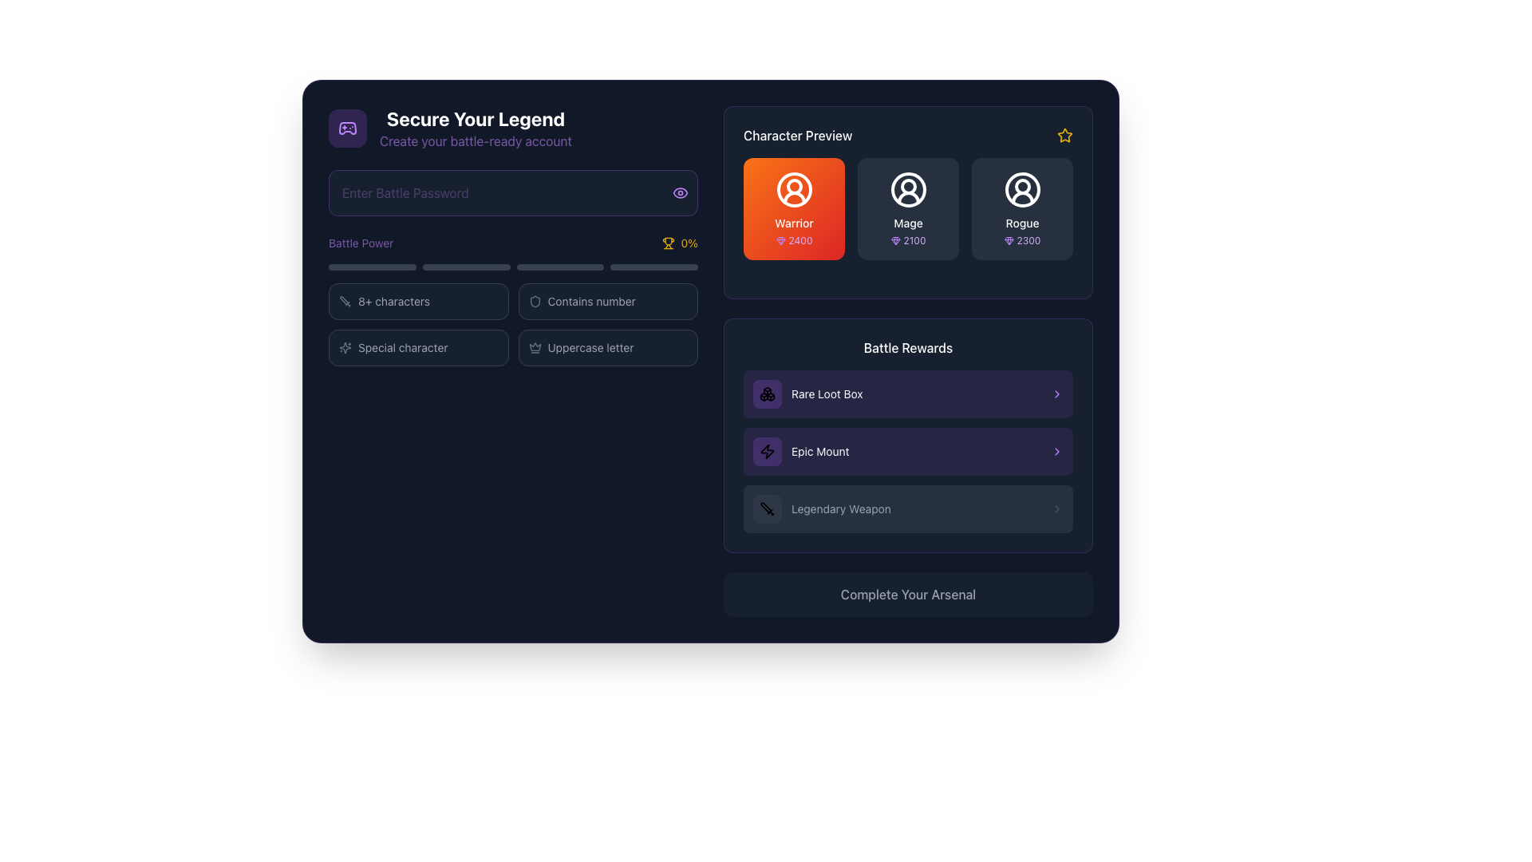 Image resolution: width=1532 pixels, height=862 pixels. Describe the element at coordinates (767, 393) in the screenshot. I see `the 'Rare Loot Box' icon located in the upper-left corner of the 'Battle Rewards' section, which is visually distinct and positioned to the left of the 'Rare Loot Box' text` at that location.